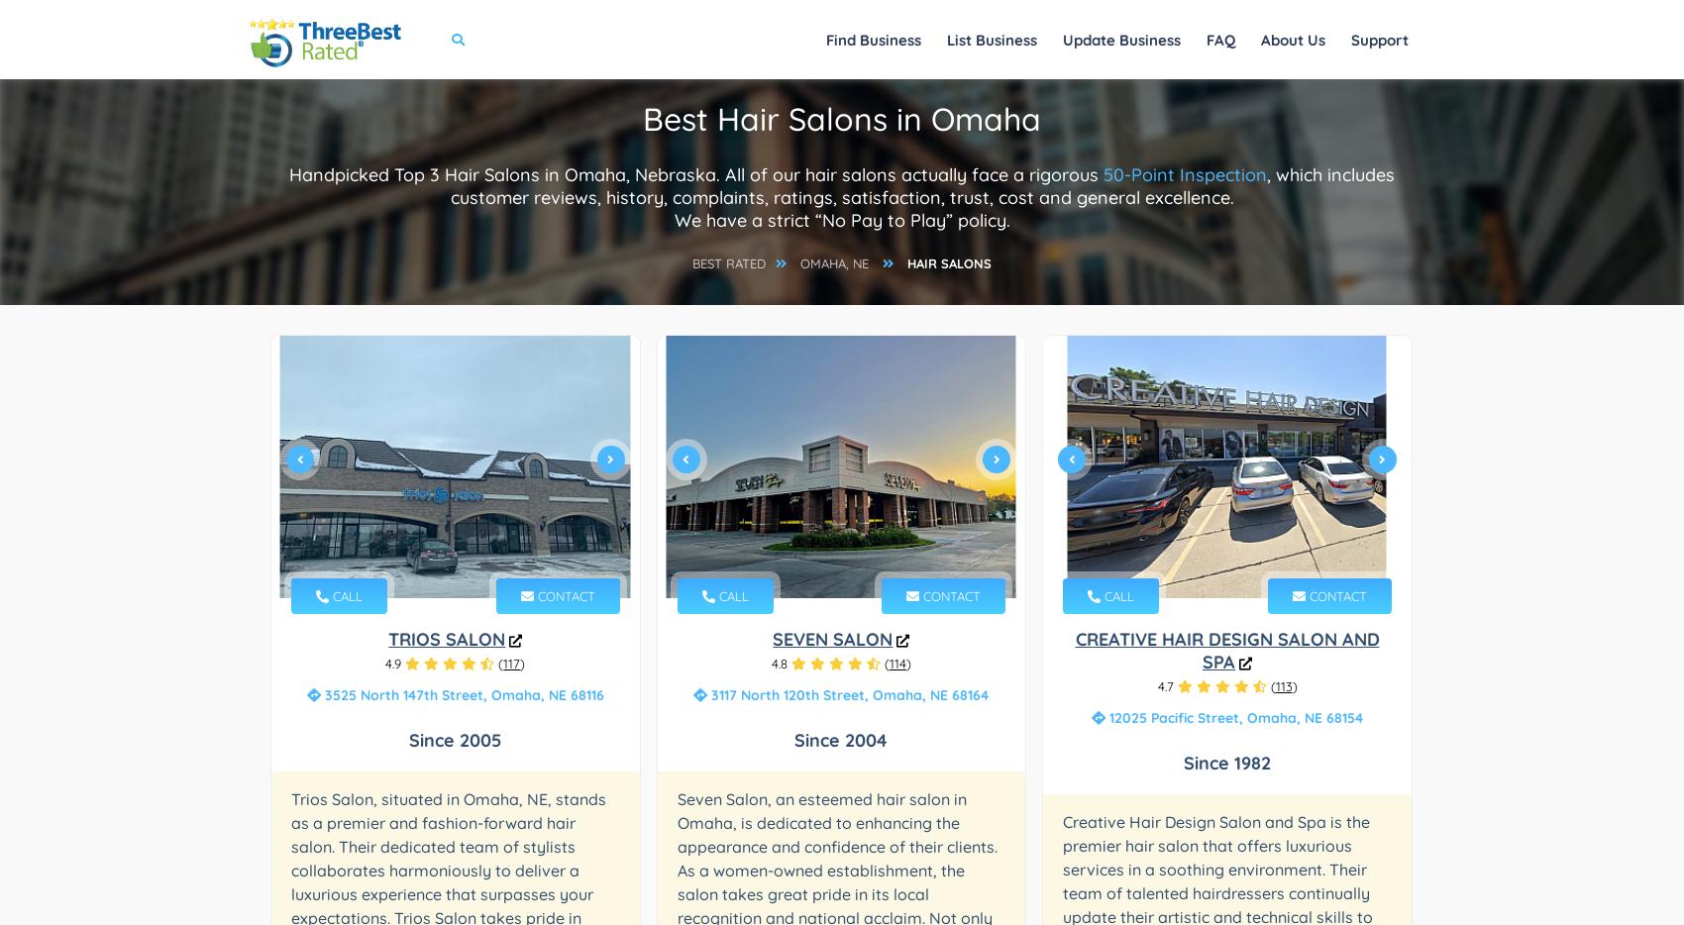 This screenshot has width=1684, height=925. What do you see at coordinates (1232, 717) in the screenshot?
I see `'12025 Pacific Street, Omaha, NE 68154'` at bounding box center [1232, 717].